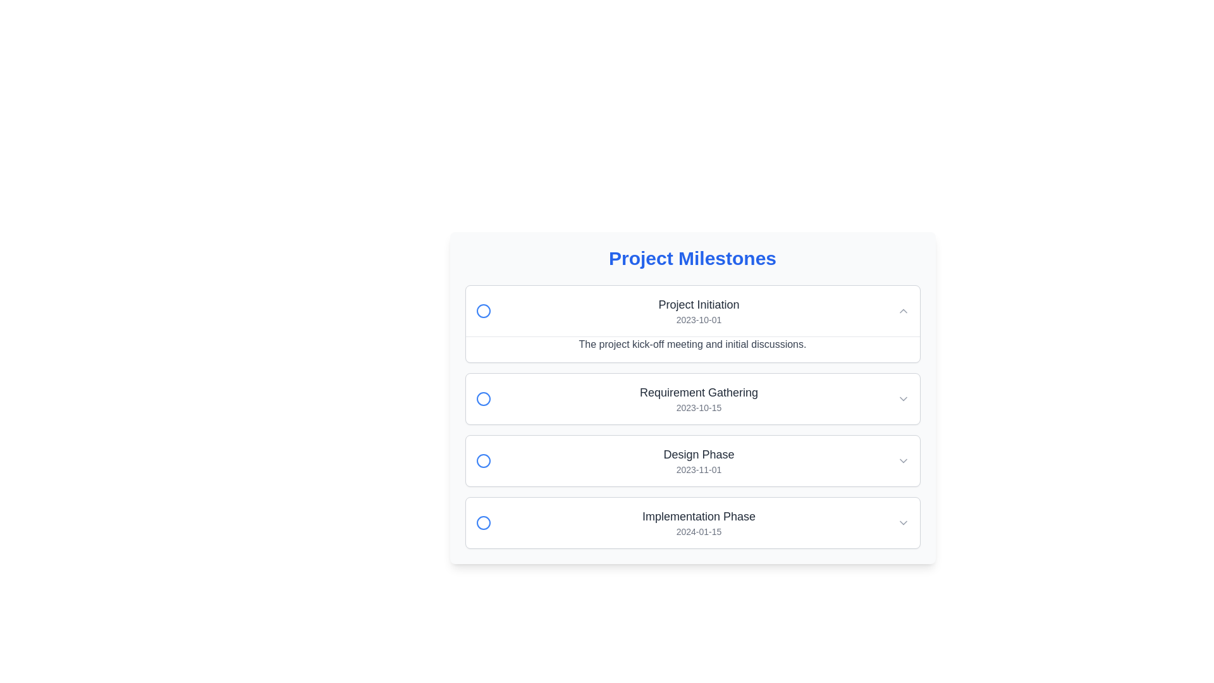 The width and height of the screenshot is (1214, 683). I want to click on the circular icon with a blue outline that is adjacent to the text 'Design Phase', so click(482, 461).